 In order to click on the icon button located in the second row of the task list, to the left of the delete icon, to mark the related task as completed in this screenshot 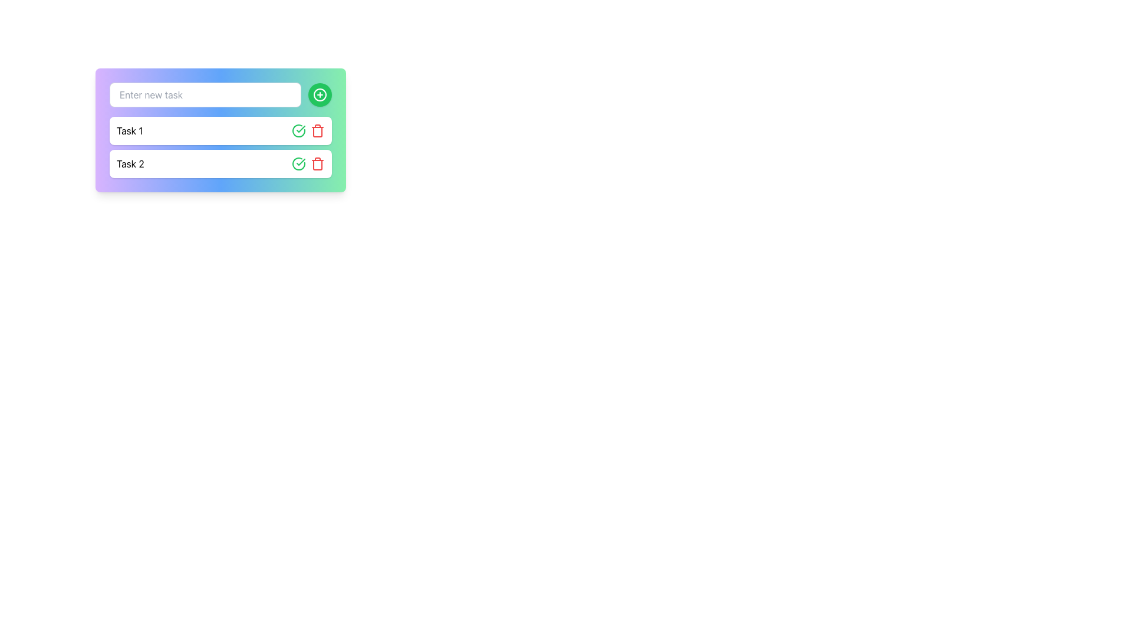, I will do `click(299, 131)`.